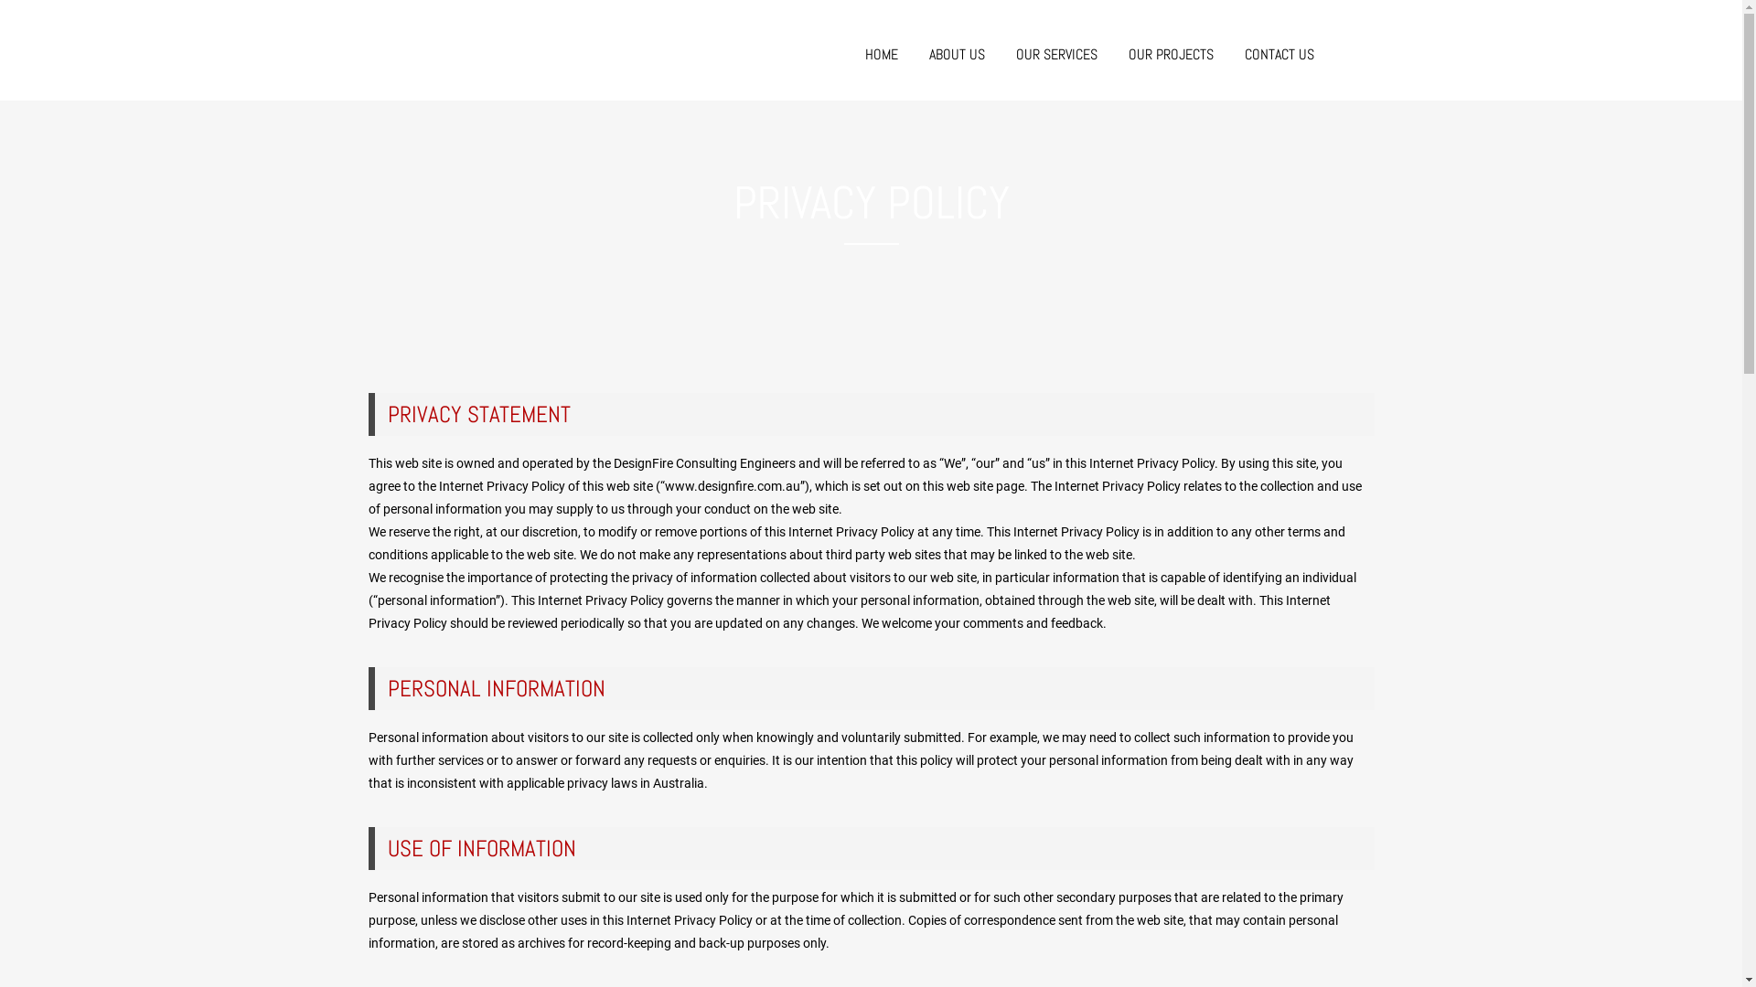  Describe the element at coordinates (1171, 54) in the screenshot. I see `'OUR PROJECTS'` at that location.